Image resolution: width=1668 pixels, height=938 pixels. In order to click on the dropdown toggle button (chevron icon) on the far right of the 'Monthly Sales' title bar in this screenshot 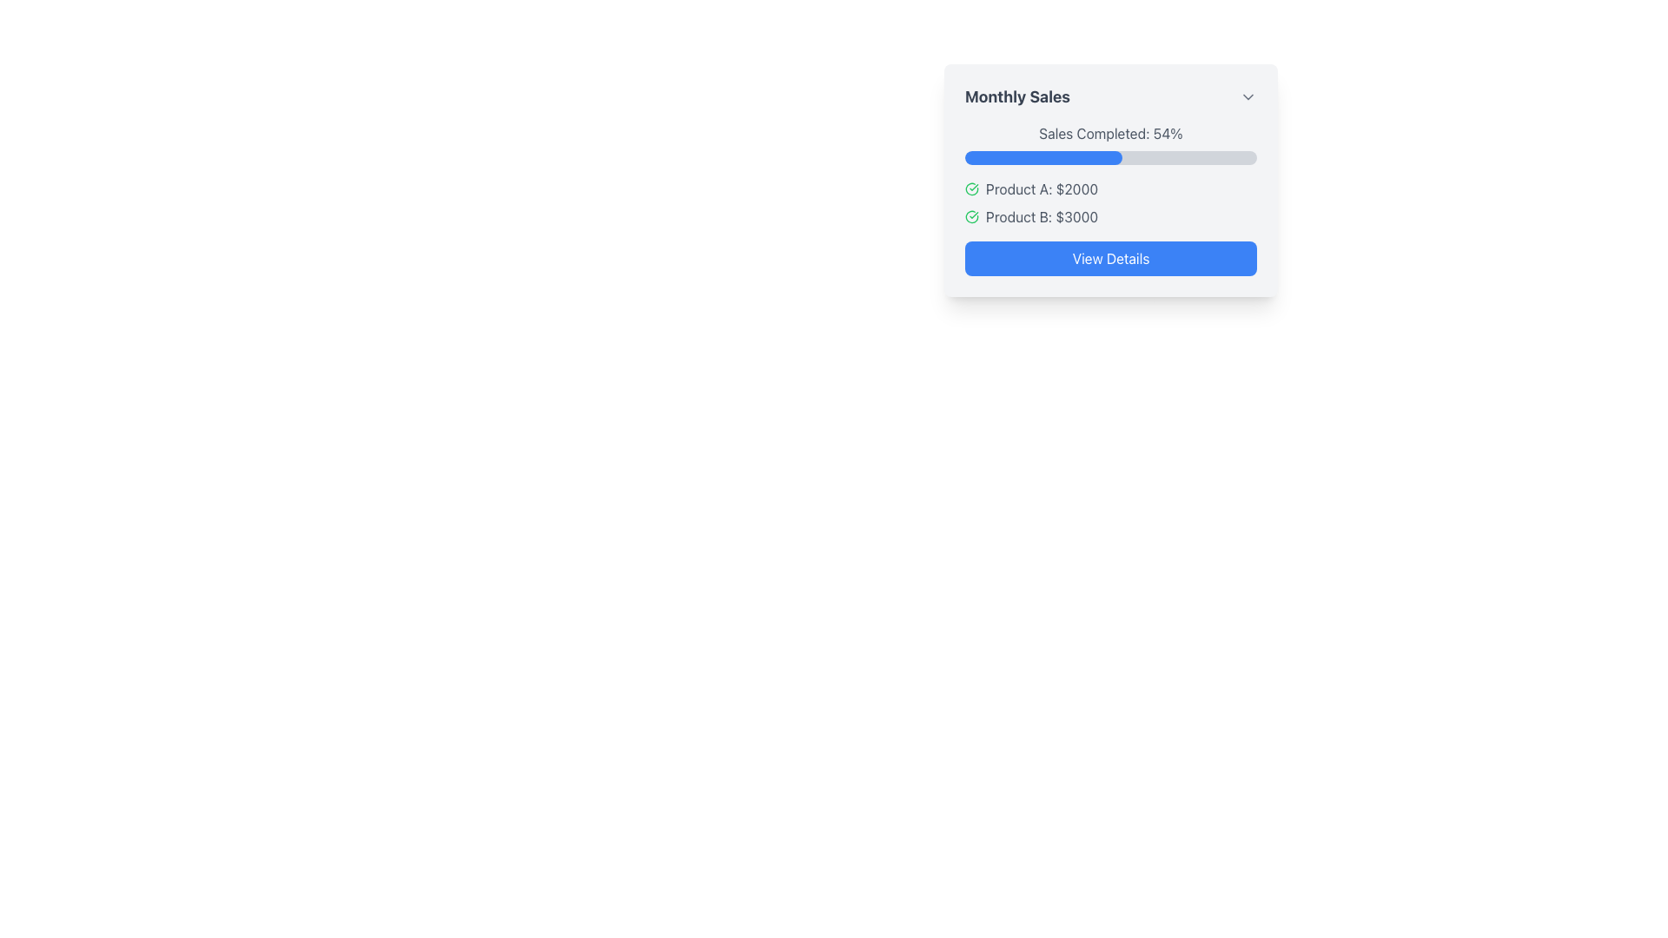, I will do `click(1247, 96)`.